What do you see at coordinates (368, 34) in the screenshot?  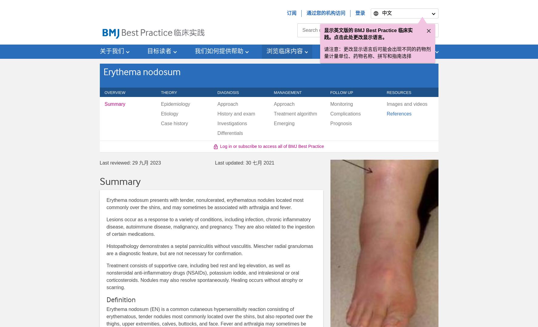 I see `'显示英文版的 BMJ Best Practice 临床实践。点击此处更改显示语言。'` at bounding box center [368, 34].